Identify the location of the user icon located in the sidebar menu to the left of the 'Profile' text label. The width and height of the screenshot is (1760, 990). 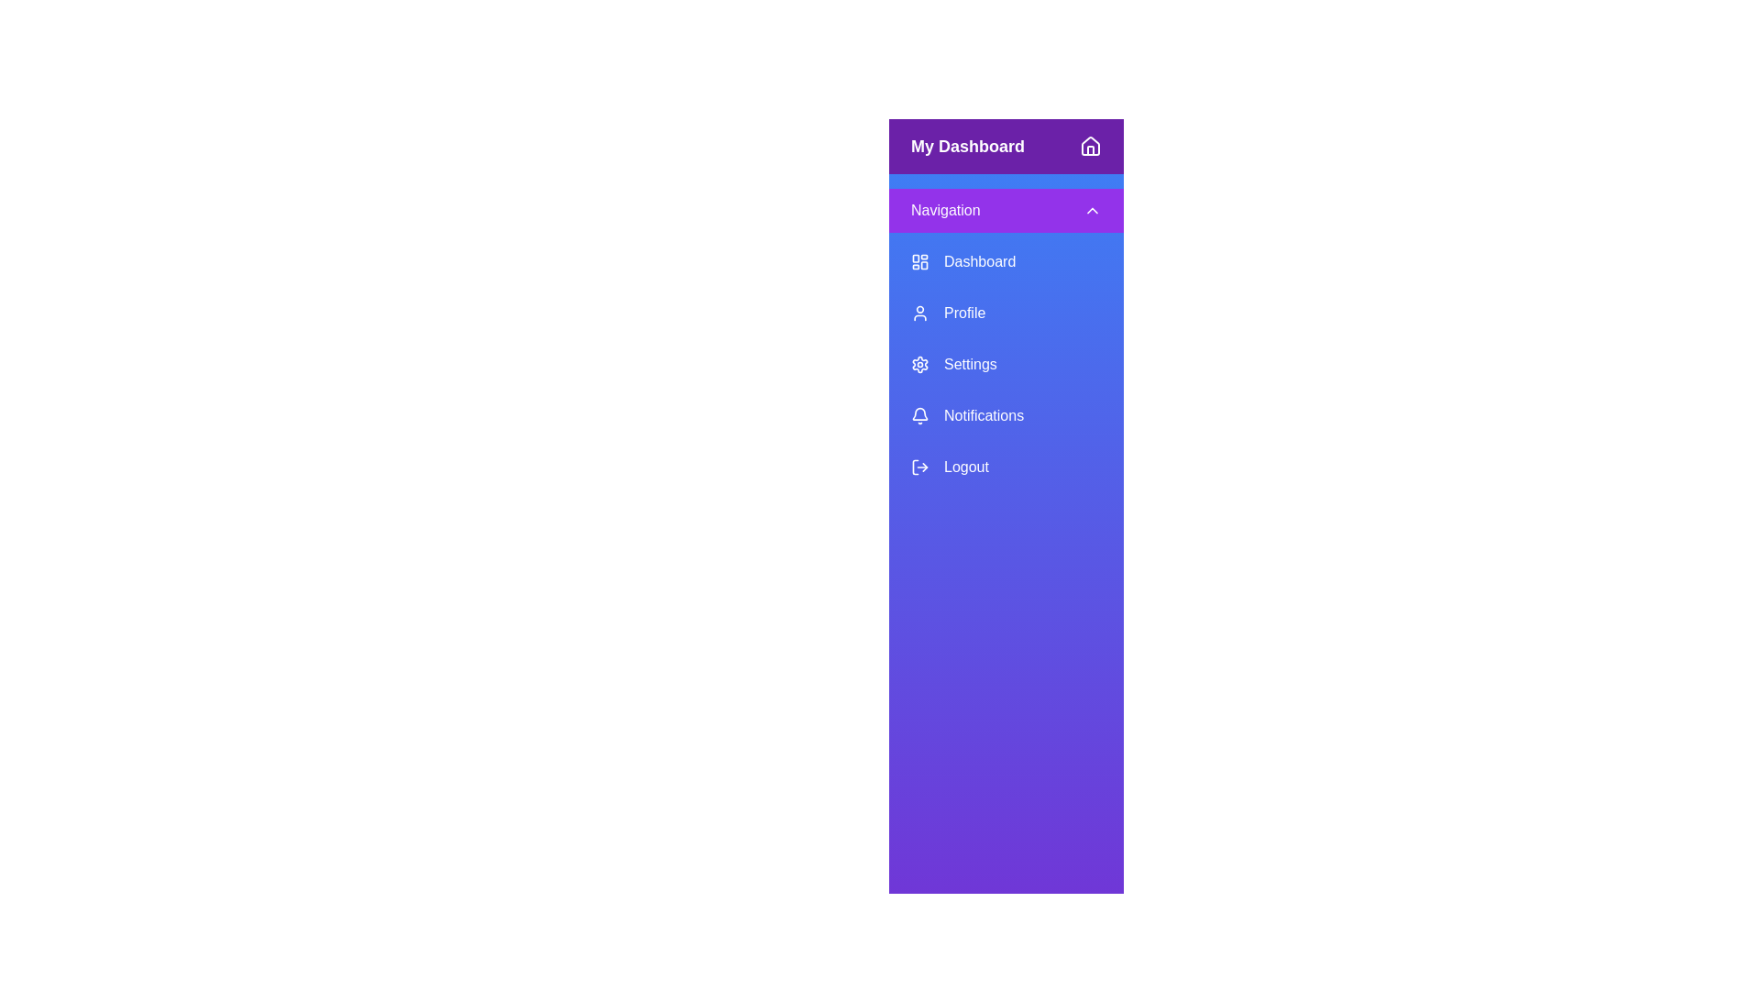
(919, 313).